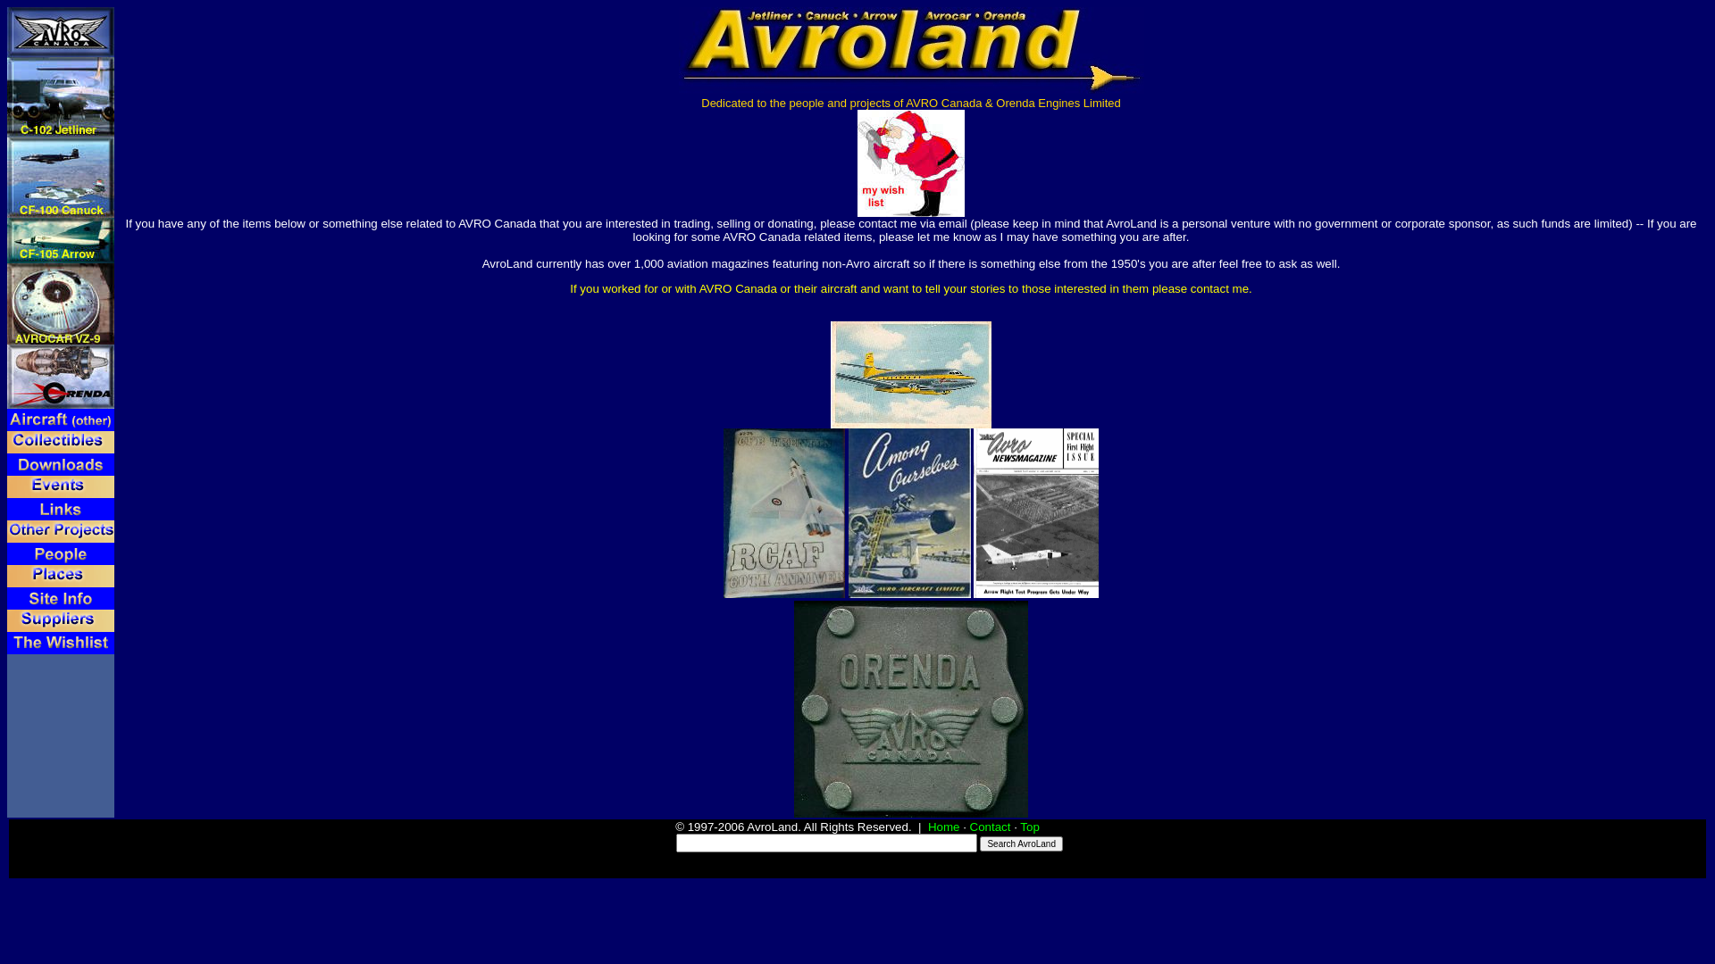  Describe the element at coordinates (1020, 827) in the screenshot. I see `'Top'` at that location.